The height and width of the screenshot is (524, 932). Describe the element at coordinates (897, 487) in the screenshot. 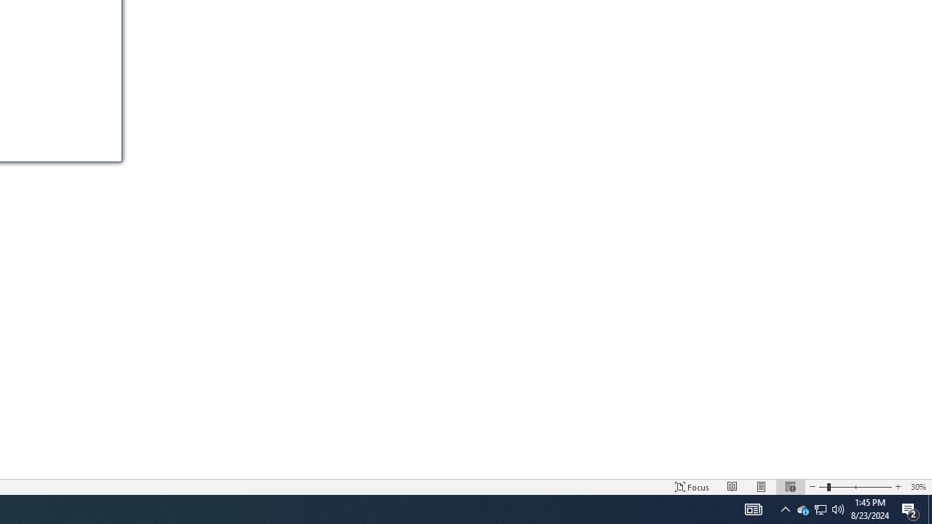

I see `'Zoom In'` at that location.